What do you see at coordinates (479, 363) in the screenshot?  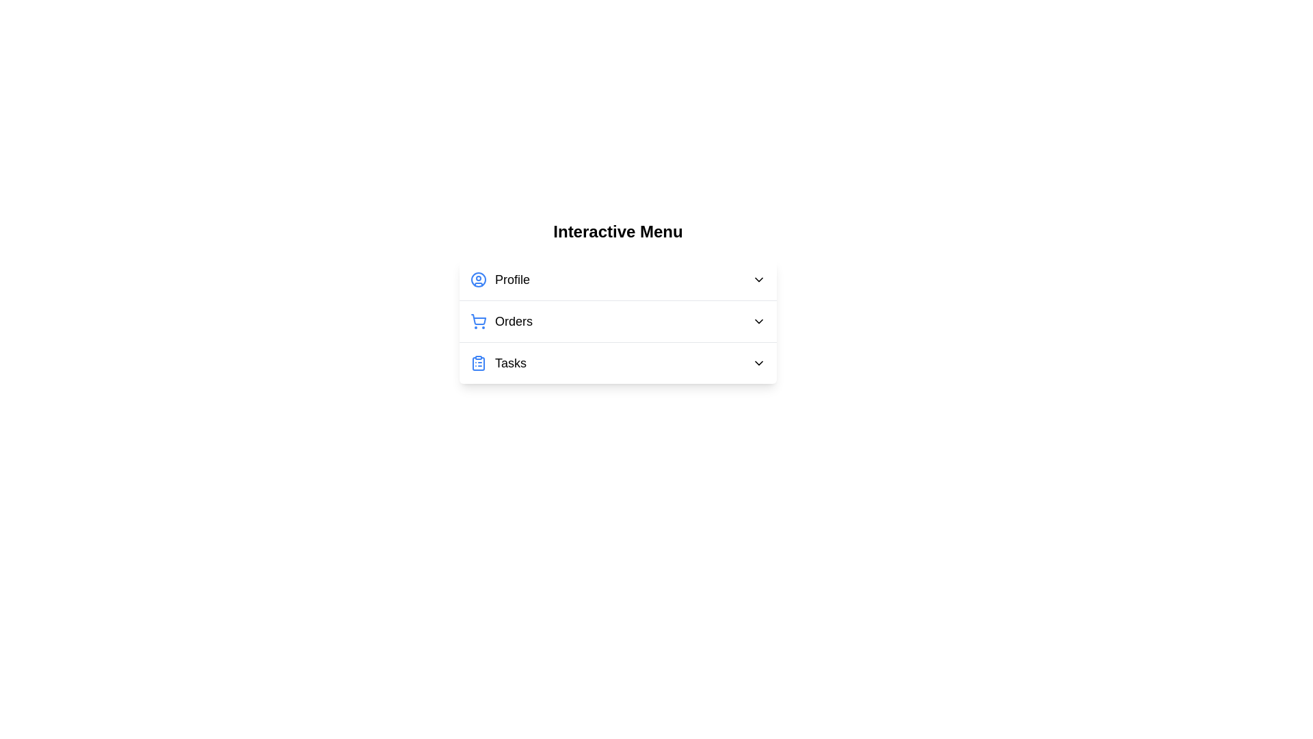 I see `the small blue clipboard icon that is part of the 'Tasks' menu, located to the left of the text 'Tasks'` at bounding box center [479, 363].